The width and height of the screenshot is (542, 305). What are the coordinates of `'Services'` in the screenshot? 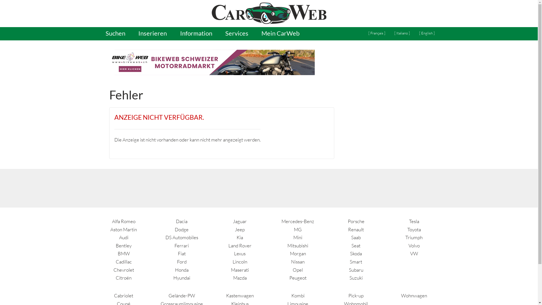 It's located at (237, 34).